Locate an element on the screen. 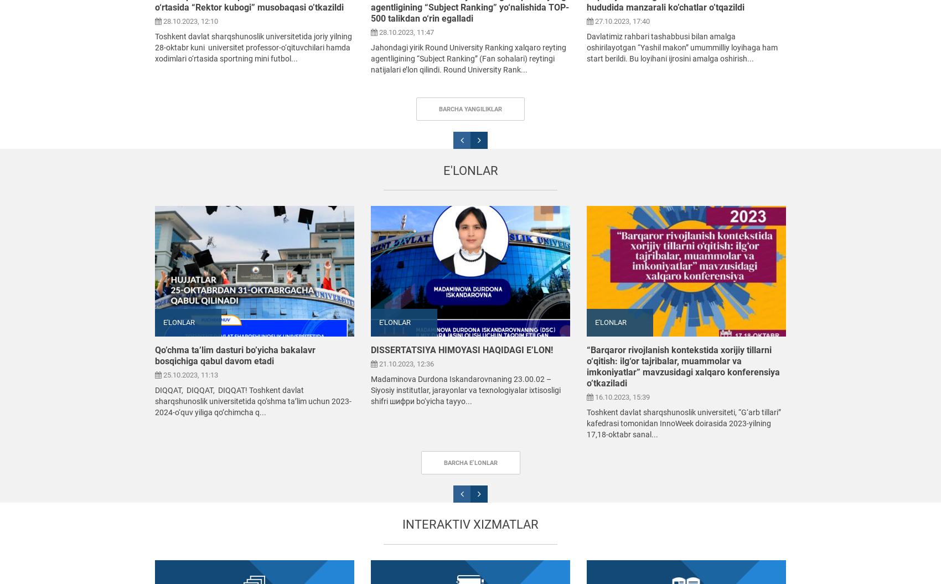 The height and width of the screenshot is (584, 941). '25.10.2023, 11:13' is located at coordinates (189, 374).